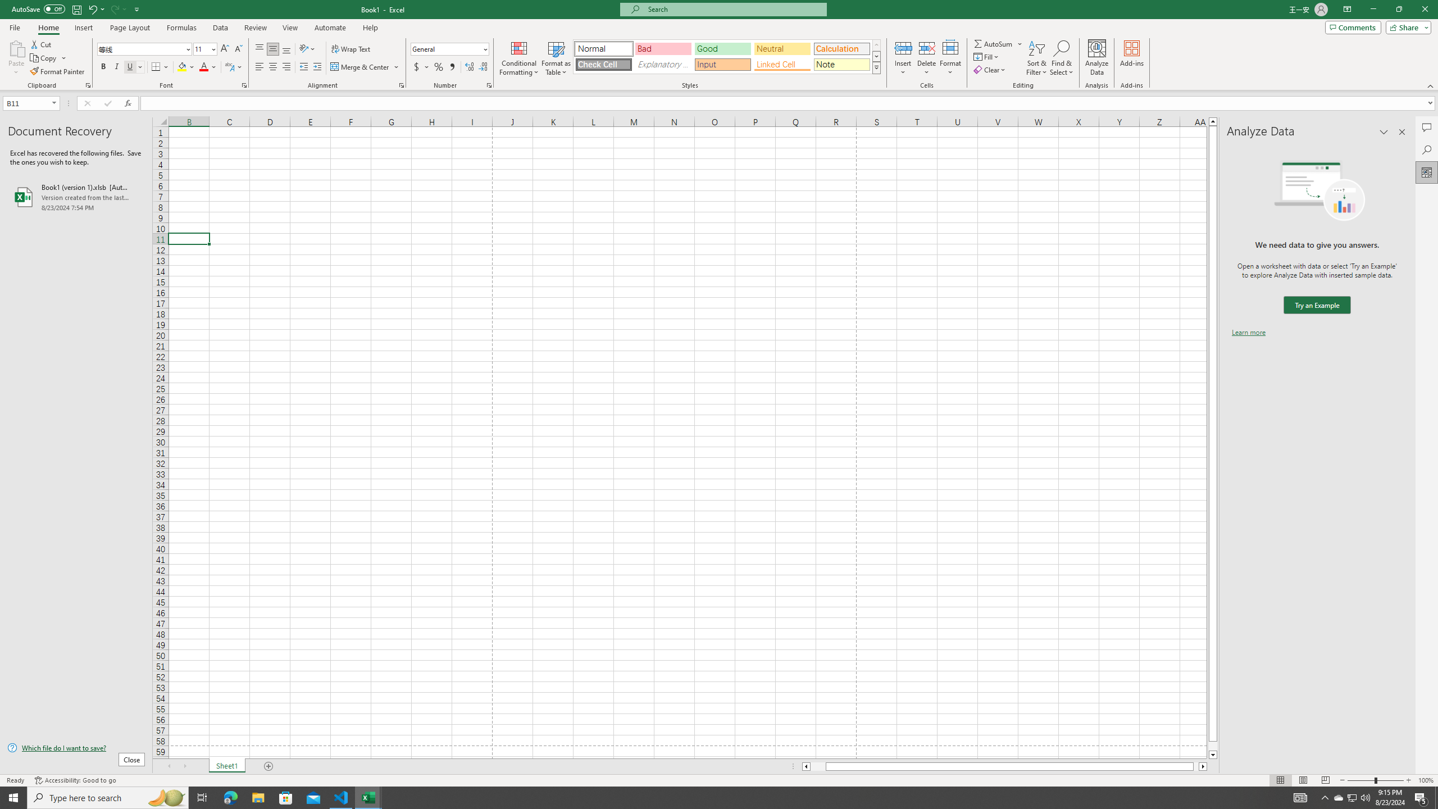 The height and width of the screenshot is (809, 1438). I want to click on 'Font Color', so click(208, 66).